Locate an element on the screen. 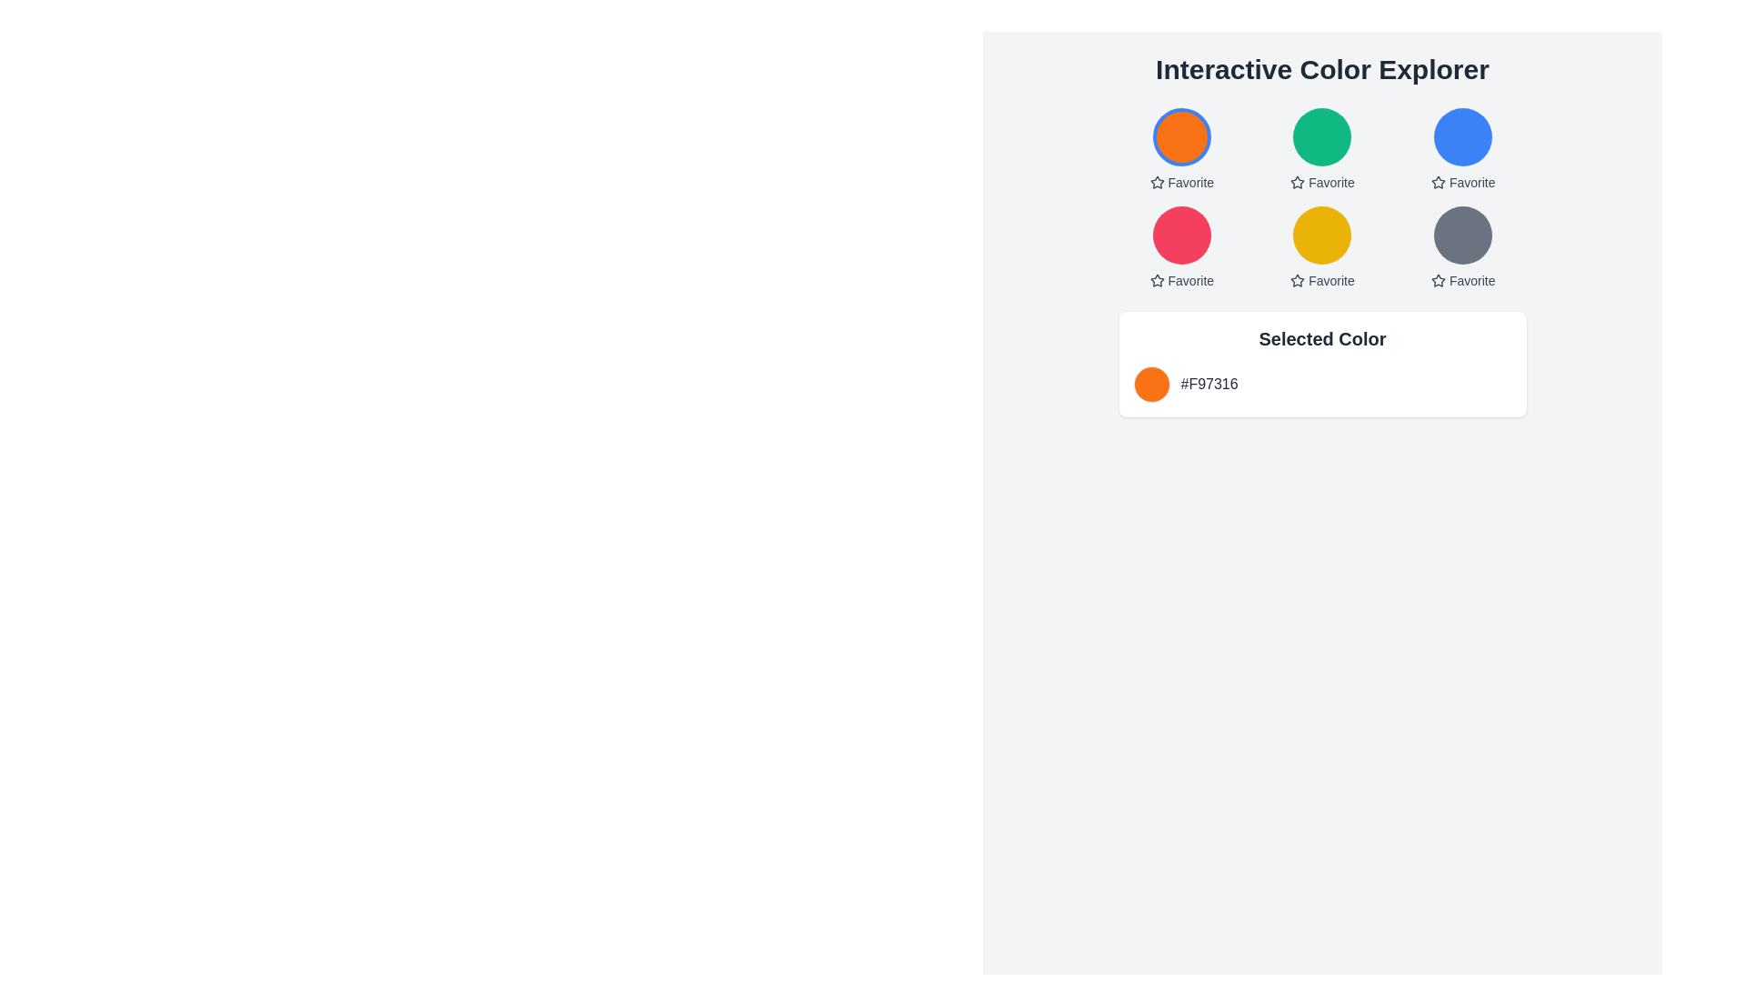 This screenshot has height=982, width=1746. the interactive circle representing a color option located in the fourth row beneath the 'Interactive Color Explorer' title is located at coordinates (1322, 234).